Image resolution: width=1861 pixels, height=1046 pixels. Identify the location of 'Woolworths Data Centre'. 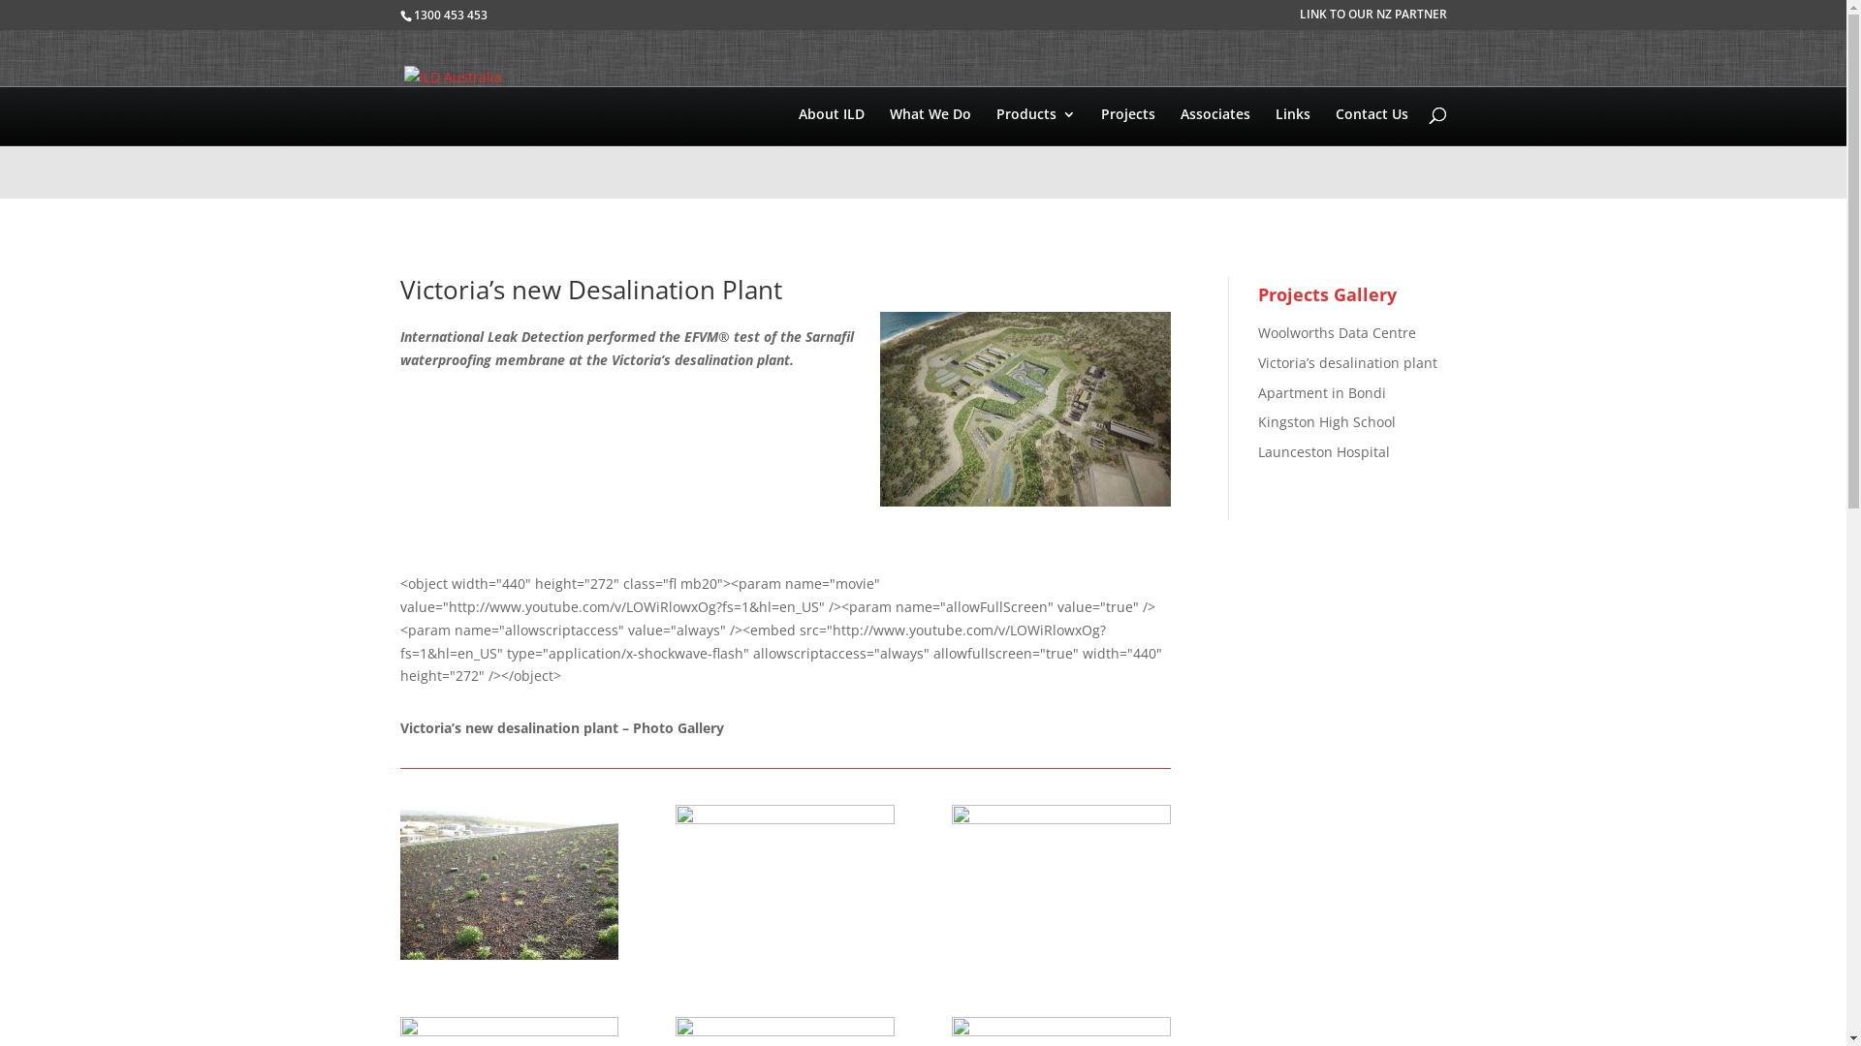
(1336, 331).